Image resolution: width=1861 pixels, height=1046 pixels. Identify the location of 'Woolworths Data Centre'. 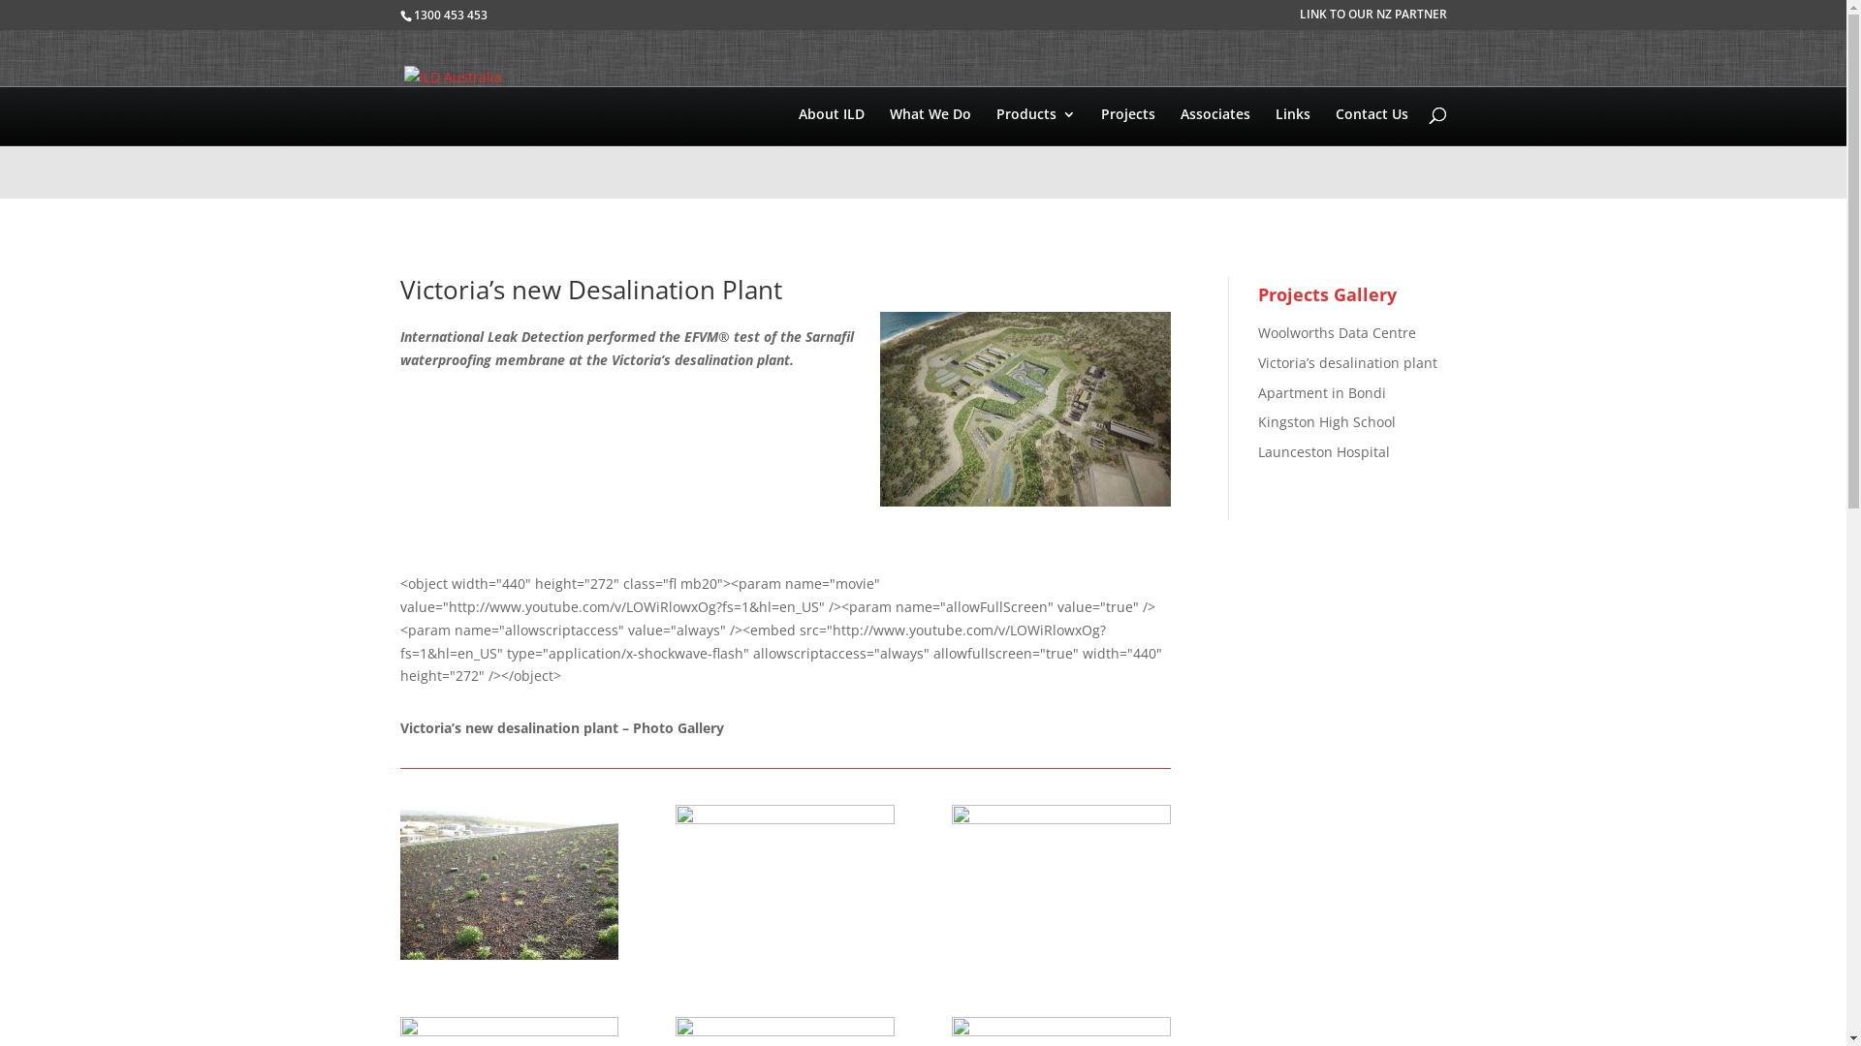
(1336, 331).